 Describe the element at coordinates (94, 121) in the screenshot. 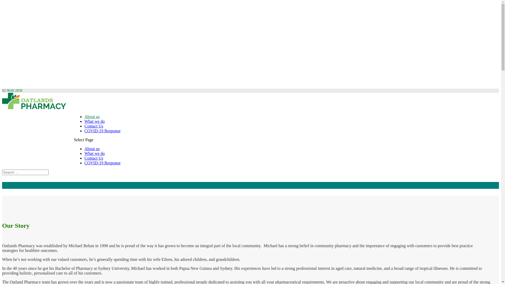

I see `'What we do'` at that location.